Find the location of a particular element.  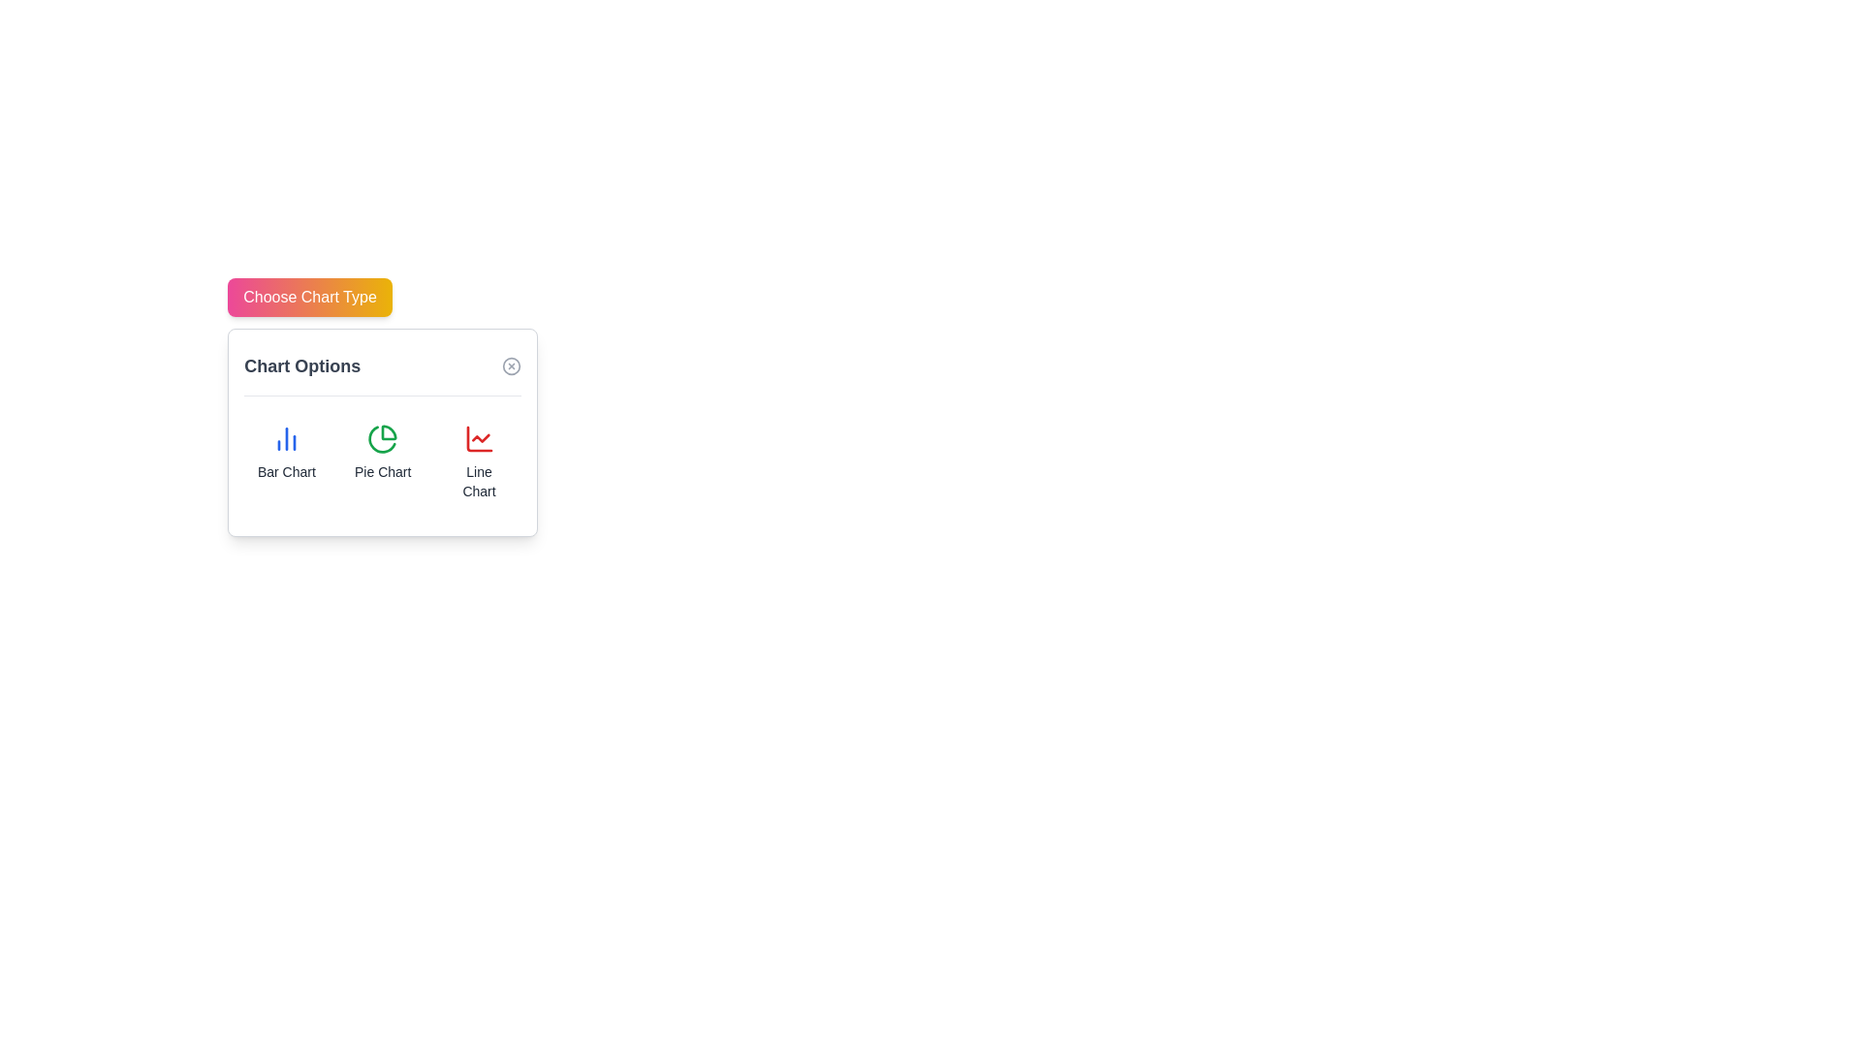

the outermost slice of the pie chart representation in the 'Pie Chart' option inside the chart options modal is located at coordinates (388, 431).